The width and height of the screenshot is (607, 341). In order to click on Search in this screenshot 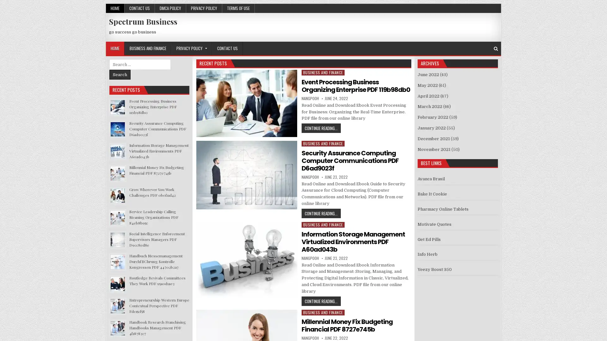, I will do `click(120, 74)`.